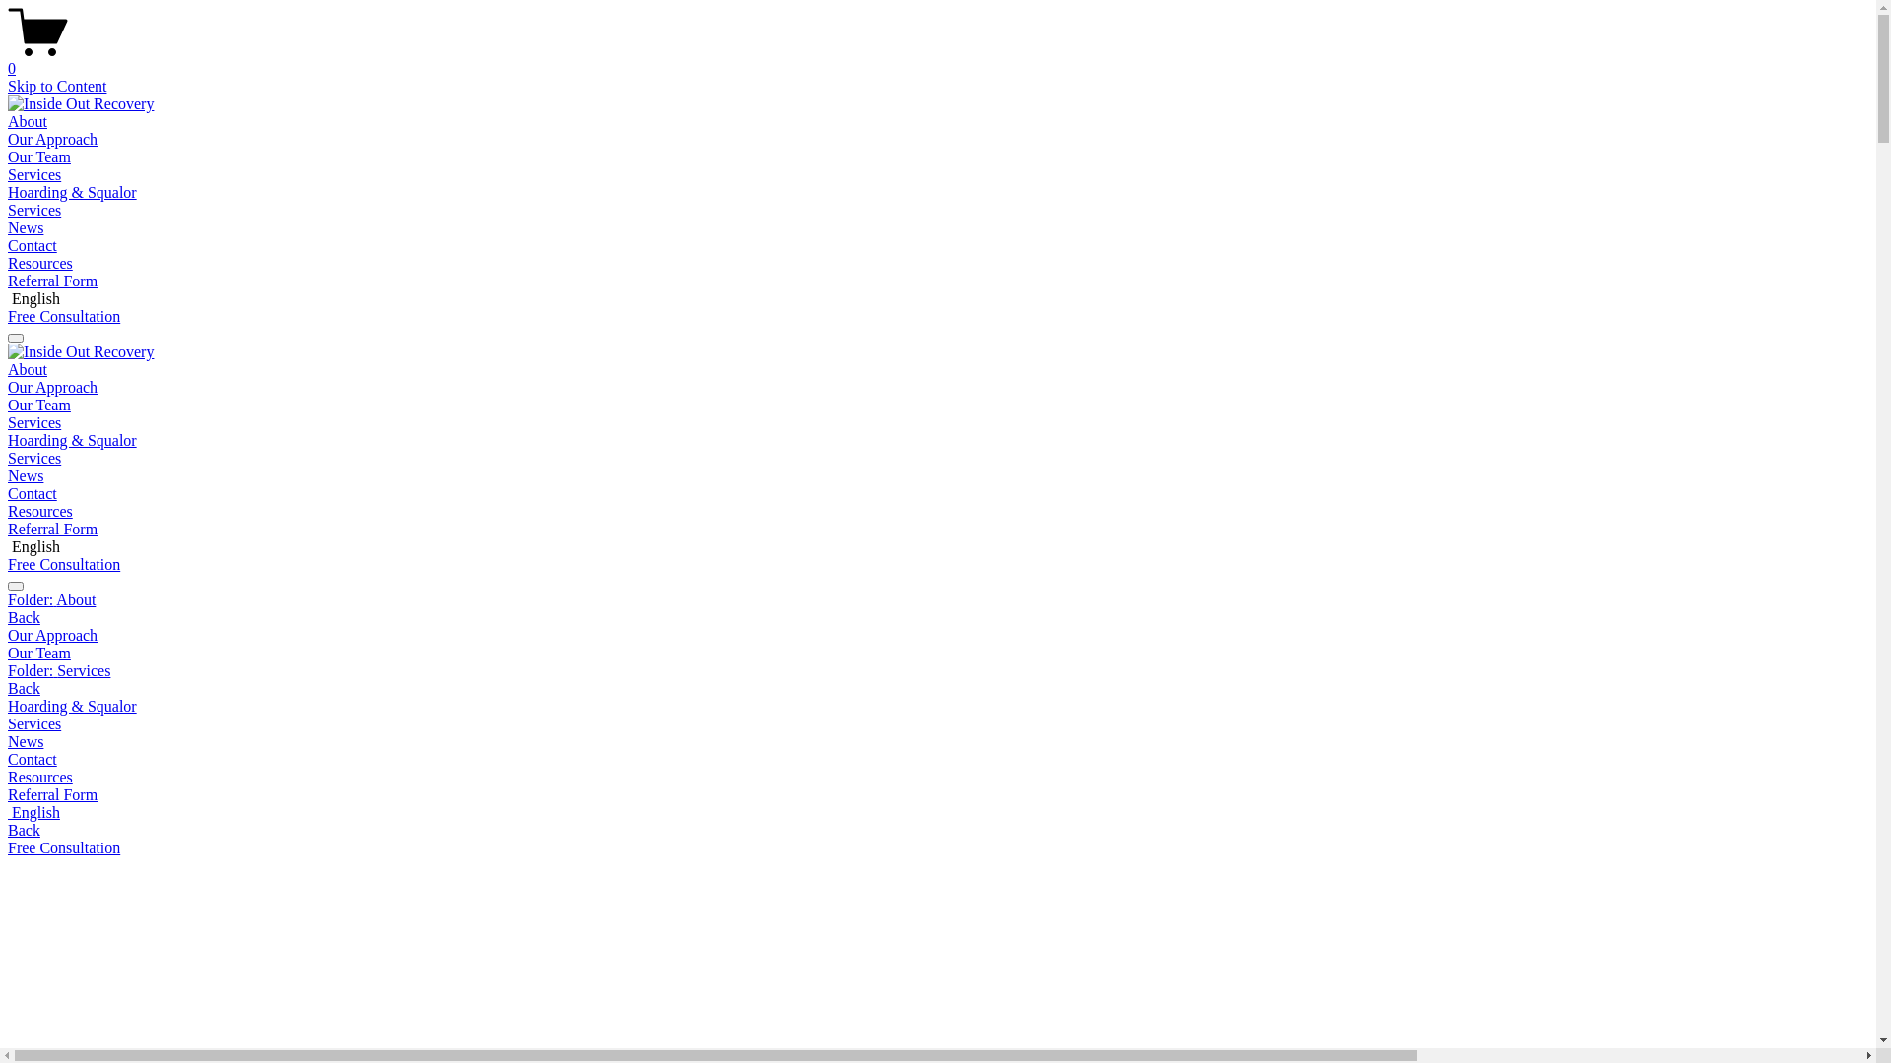 The image size is (1891, 1063). I want to click on 'Contact', so click(937, 758).